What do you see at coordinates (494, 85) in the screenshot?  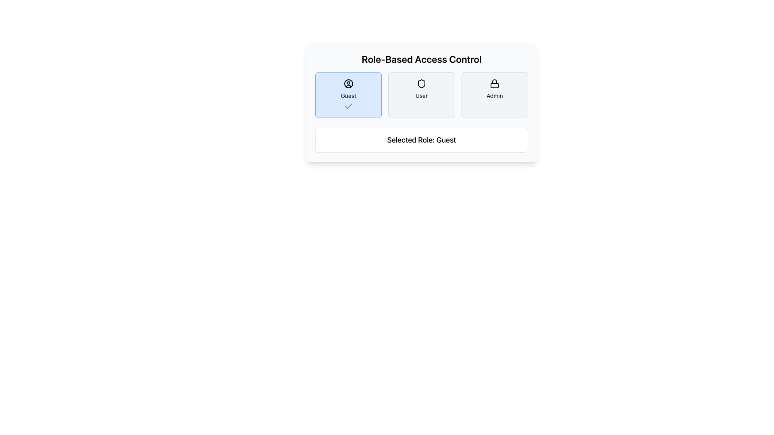 I see `the decorative visual icon representing the locked status of the 'Admin' role in the role selection interface, identified by a red lock icon on the Admin role card` at bounding box center [494, 85].